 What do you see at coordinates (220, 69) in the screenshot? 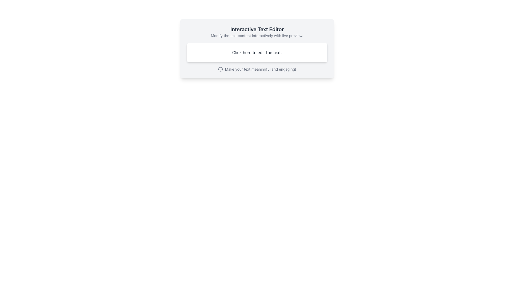
I see `the circular SVG graphic component located at the lower portion of the interface, adjacent to the text 'Make your text meaningful and engaging!'` at bounding box center [220, 69].